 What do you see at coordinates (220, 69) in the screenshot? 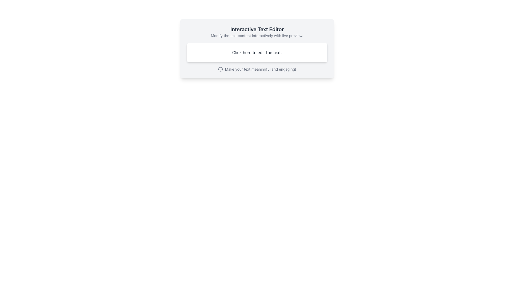
I see `the circular SVG graphic component located at the lower portion of the interface, adjacent to the text 'Make your text meaningful and engaging!'` at bounding box center [220, 69].